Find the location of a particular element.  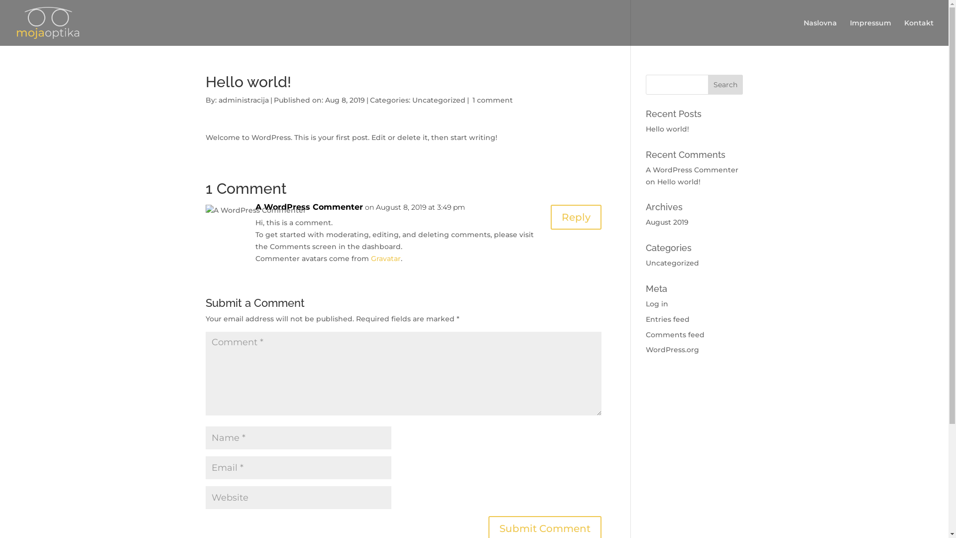

'Entries feed' is located at coordinates (667, 319).